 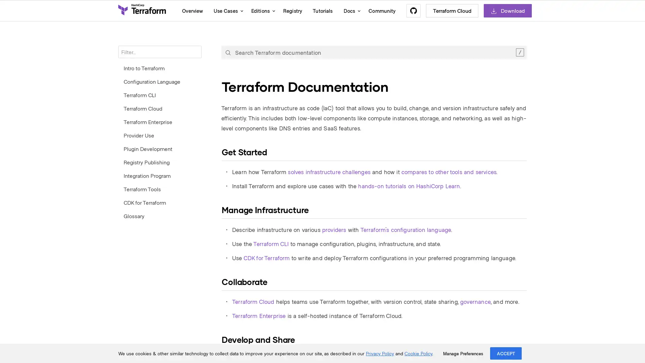 I want to click on Editions, so click(x=261, y=10).